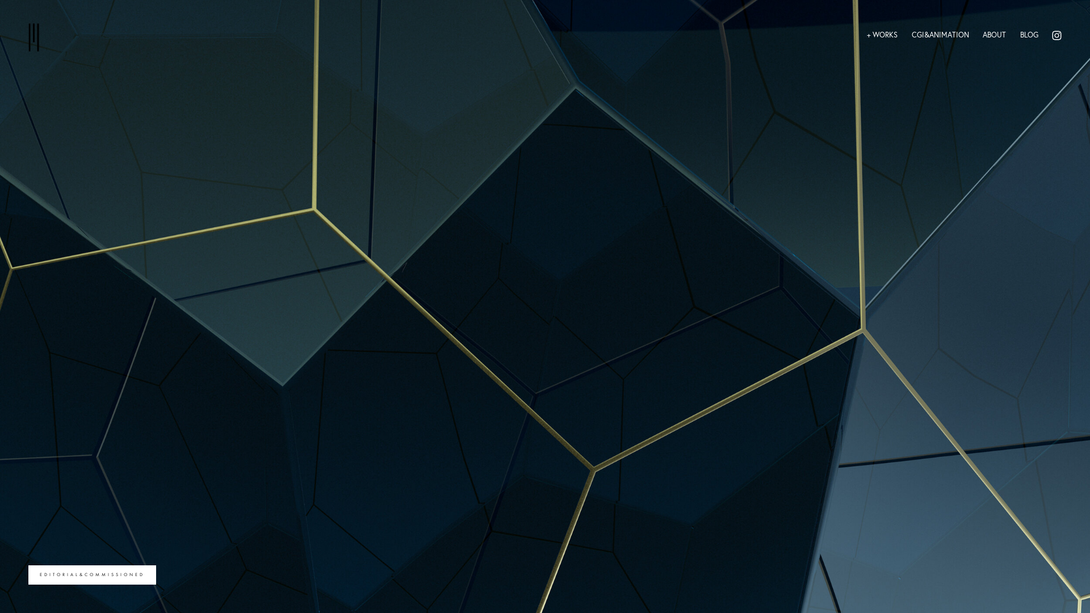 Image resolution: width=1090 pixels, height=613 pixels. What do you see at coordinates (993, 34) in the screenshot?
I see `'ABOUT'` at bounding box center [993, 34].